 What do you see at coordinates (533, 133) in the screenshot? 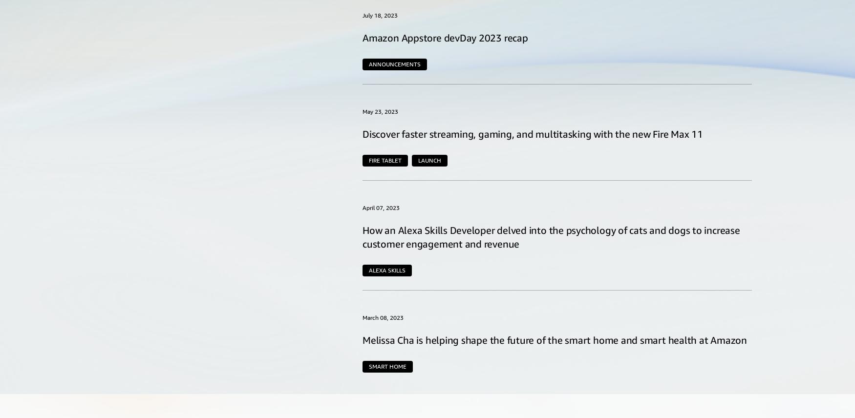
I see `'Discover faster streaming, gaming, and multitasking with the new Fire Max 11'` at bounding box center [533, 133].